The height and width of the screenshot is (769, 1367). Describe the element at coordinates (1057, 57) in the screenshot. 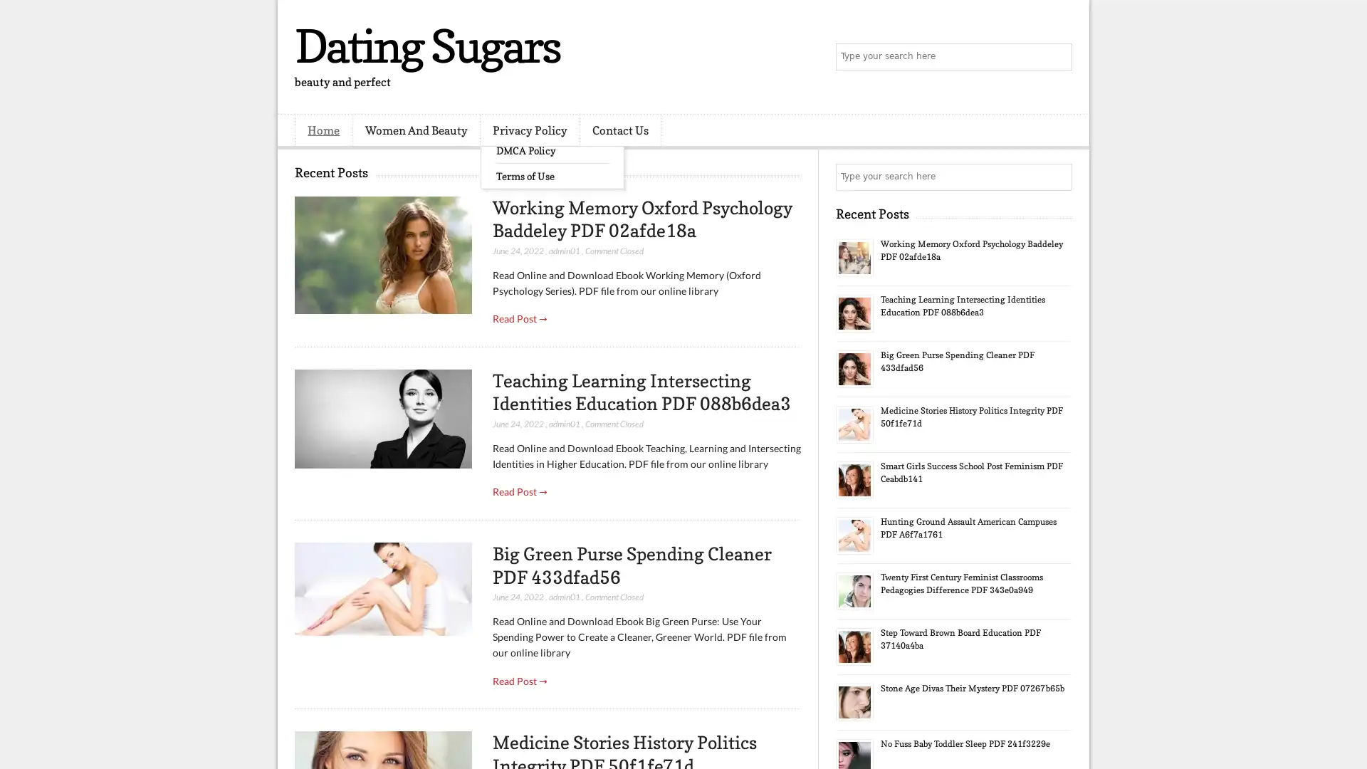

I see `Search` at that location.